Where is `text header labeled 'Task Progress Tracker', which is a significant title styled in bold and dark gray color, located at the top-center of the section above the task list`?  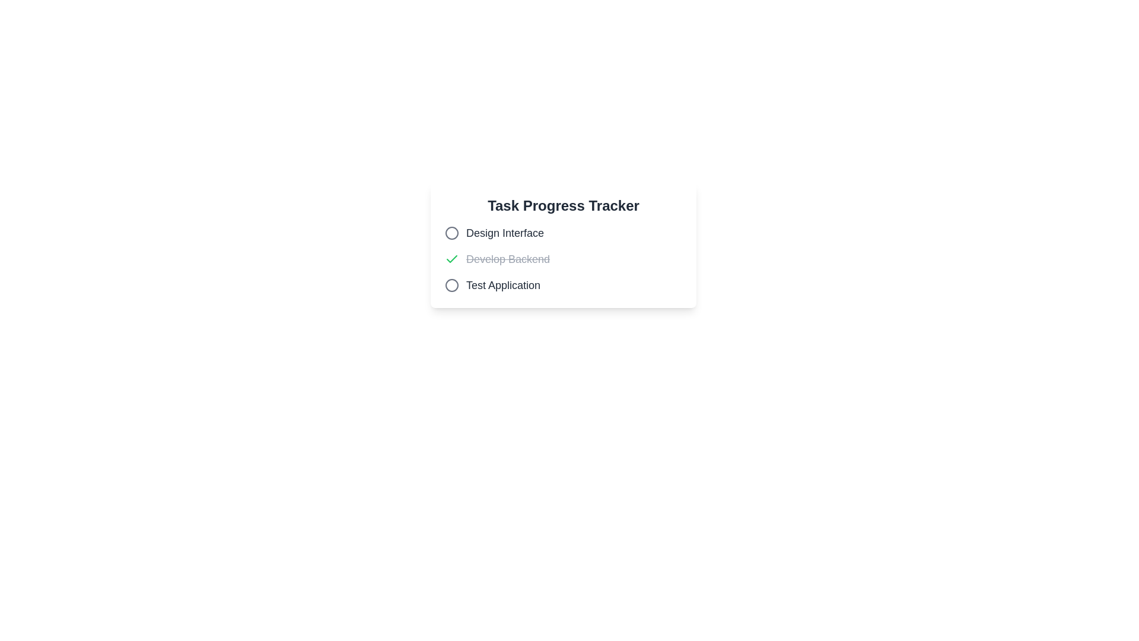 text header labeled 'Task Progress Tracker', which is a significant title styled in bold and dark gray color, located at the top-center of the section above the task list is located at coordinates (563, 205).